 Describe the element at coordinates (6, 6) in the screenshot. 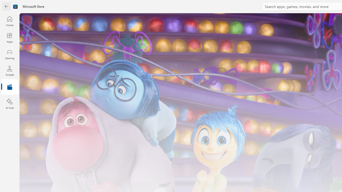

I see `'Back'` at that location.